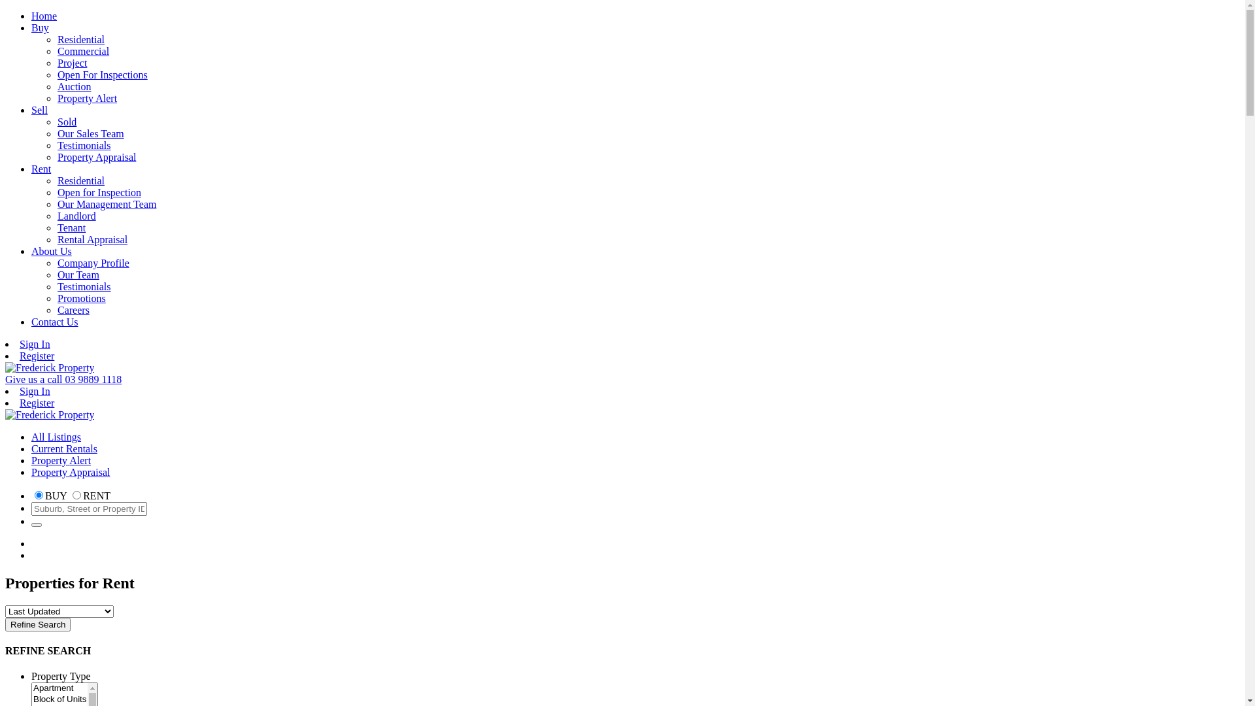 This screenshot has width=1255, height=706. What do you see at coordinates (107, 204) in the screenshot?
I see `'Our Management Team'` at bounding box center [107, 204].